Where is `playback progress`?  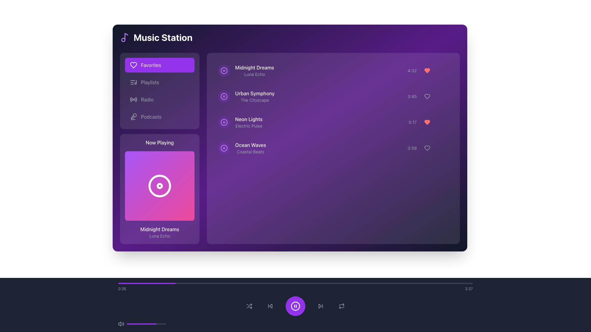 playback progress is located at coordinates (423, 283).